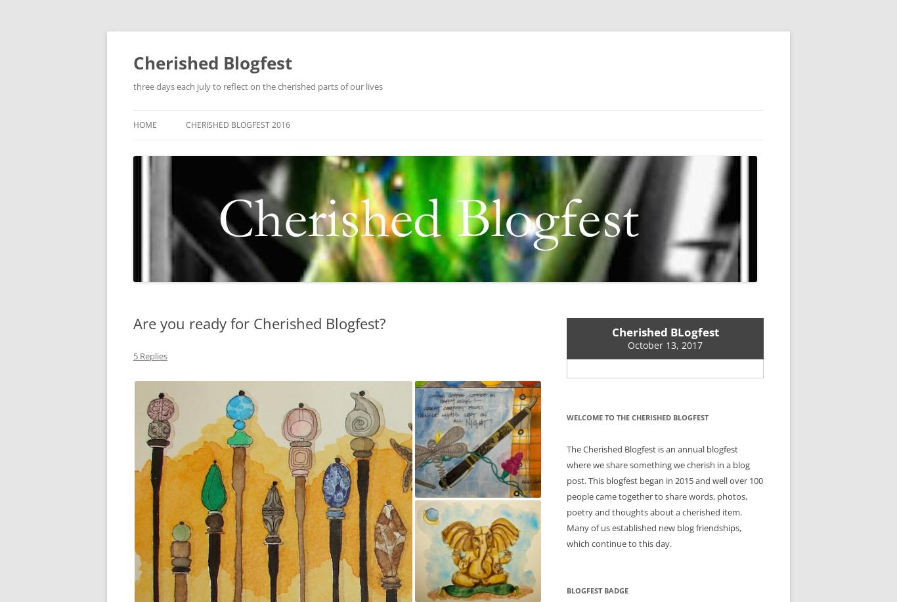 Image resolution: width=897 pixels, height=602 pixels. What do you see at coordinates (213, 62) in the screenshot?
I see `'Cherished Blogfest'` at bounding box center [213, 62].